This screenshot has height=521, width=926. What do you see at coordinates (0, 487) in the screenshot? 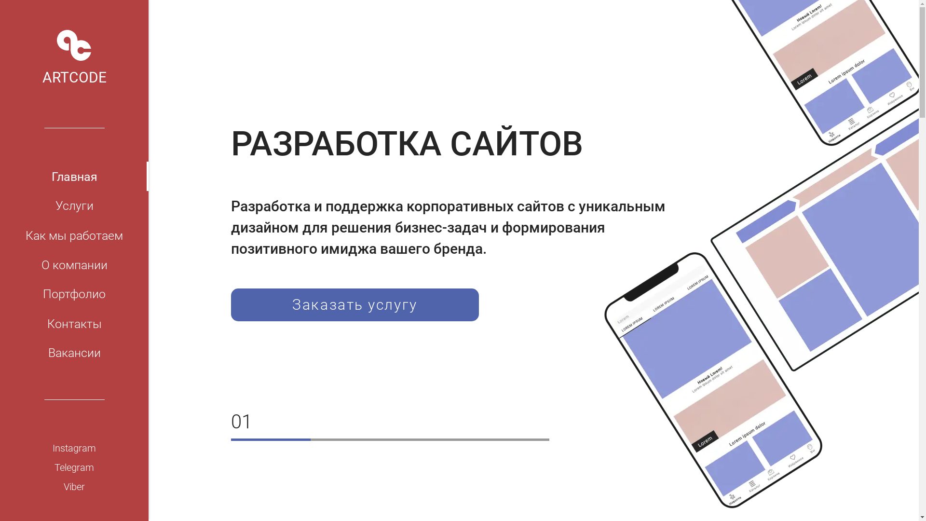
I see `'Viber'` at bounding box center [0, 487].